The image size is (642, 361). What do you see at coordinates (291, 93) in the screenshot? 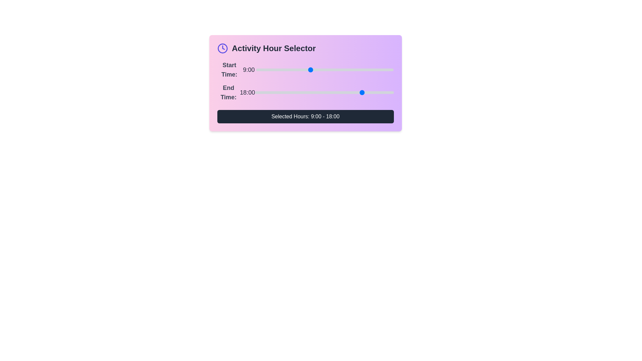
I see `the end time slider to set the hour to 6` at bounding box center [291, 93].